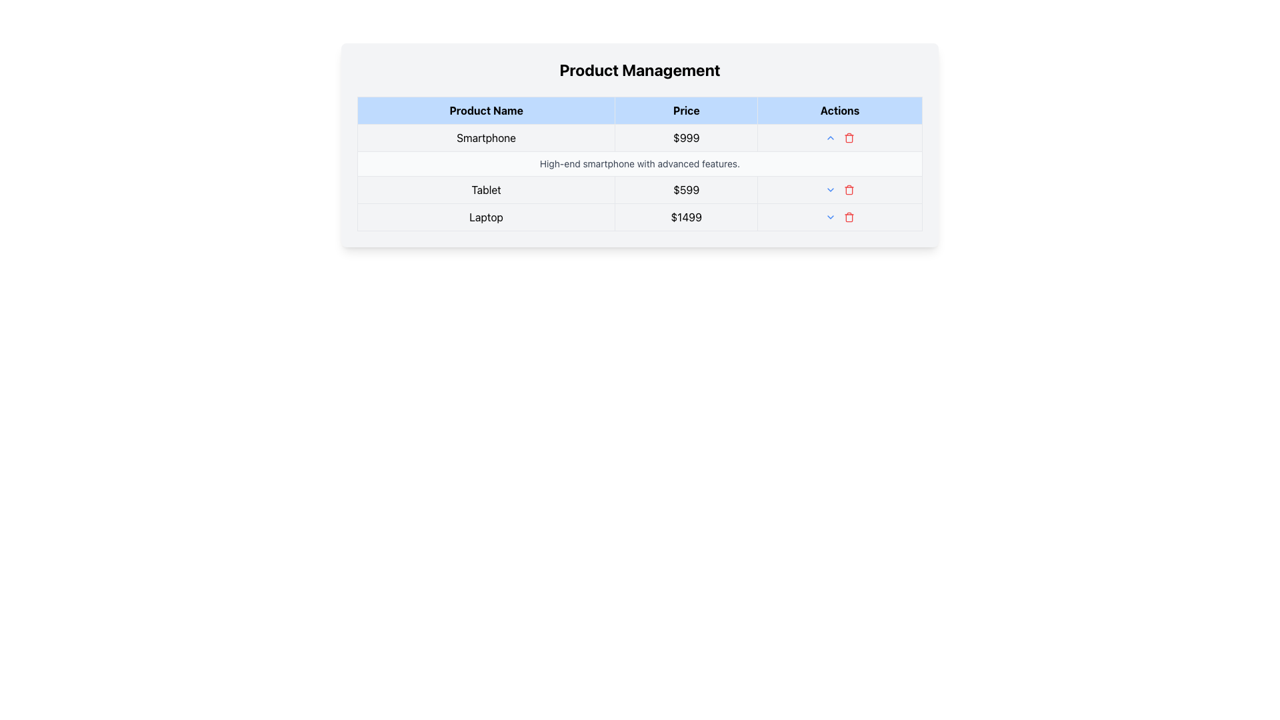  What do you see at coordinates (839, 217) in the screenshot?
I see `the interactive element` at bounding box center [839, 217].